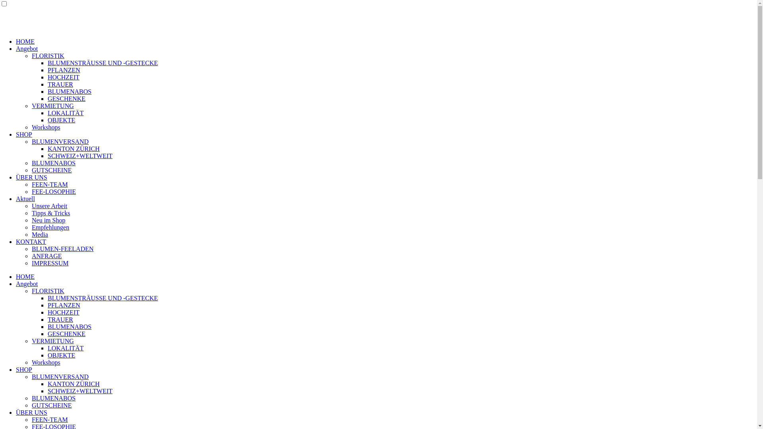 This screenshot has height=429, width=763. Describe the element at coordinates (53, 398) in the screenshot. I see `'BLUMENABOS'` at that location.